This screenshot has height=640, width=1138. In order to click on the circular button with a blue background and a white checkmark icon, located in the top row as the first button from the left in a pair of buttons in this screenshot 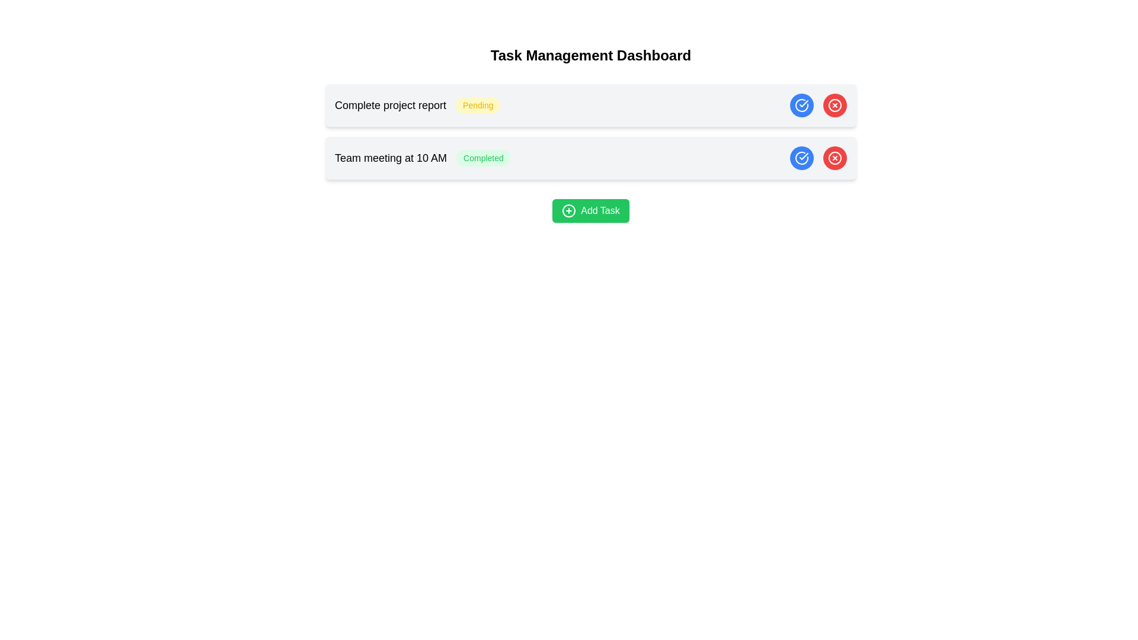, I will do `click(802, 104)`.